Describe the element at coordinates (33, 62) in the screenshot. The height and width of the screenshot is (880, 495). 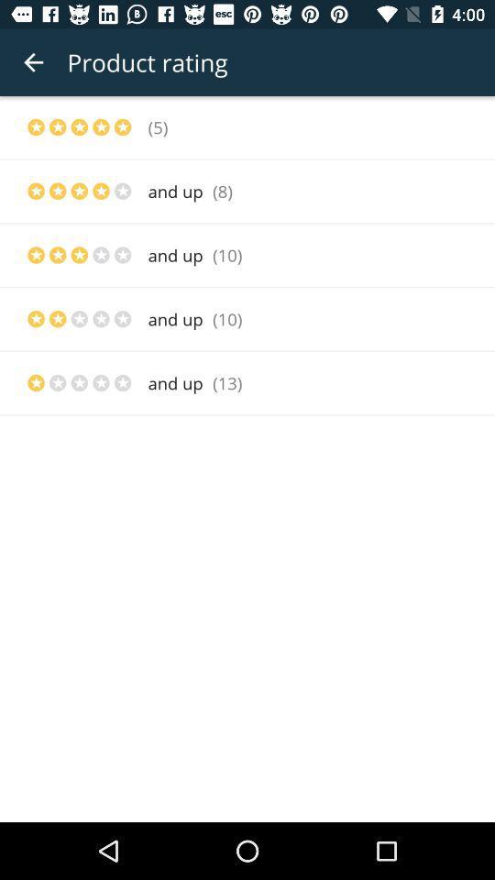
I see `item to the left of product rating item` at that location.